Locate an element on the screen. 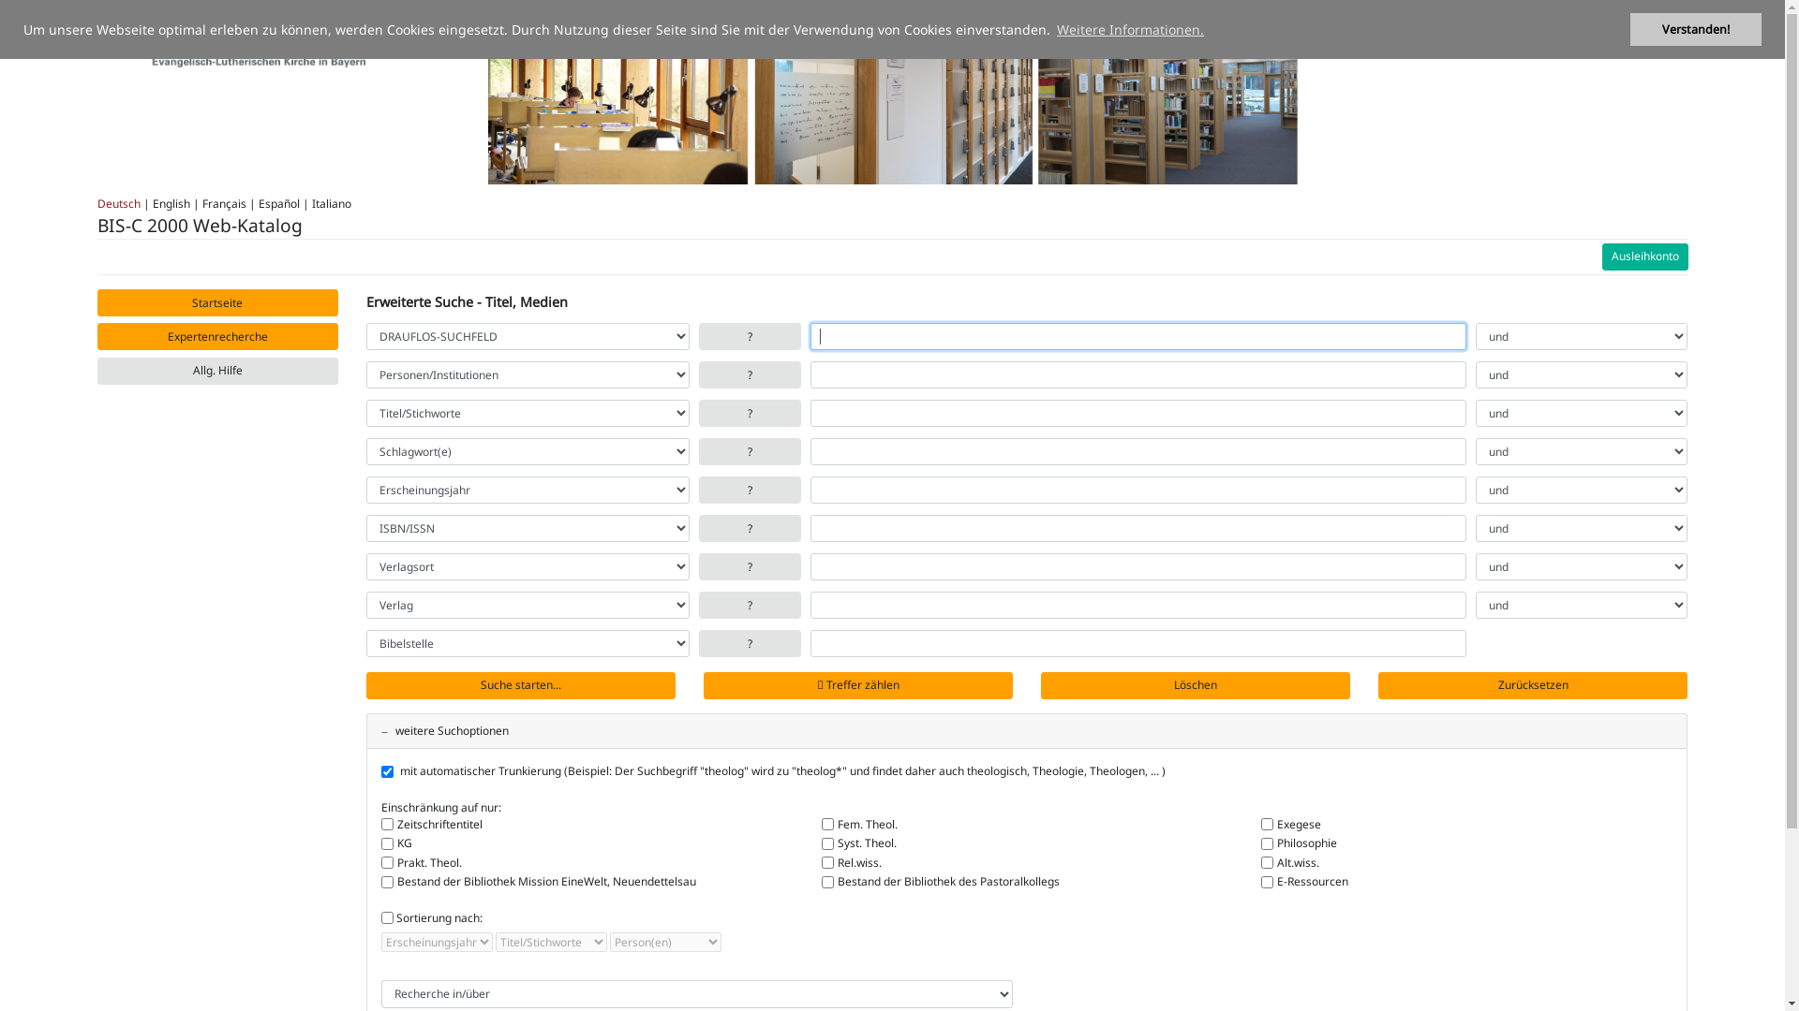 Image resolution: width=1799 pixels, height=1011 pixels. 'weitere Suchoptionen' is located at coordinates (444, 729).